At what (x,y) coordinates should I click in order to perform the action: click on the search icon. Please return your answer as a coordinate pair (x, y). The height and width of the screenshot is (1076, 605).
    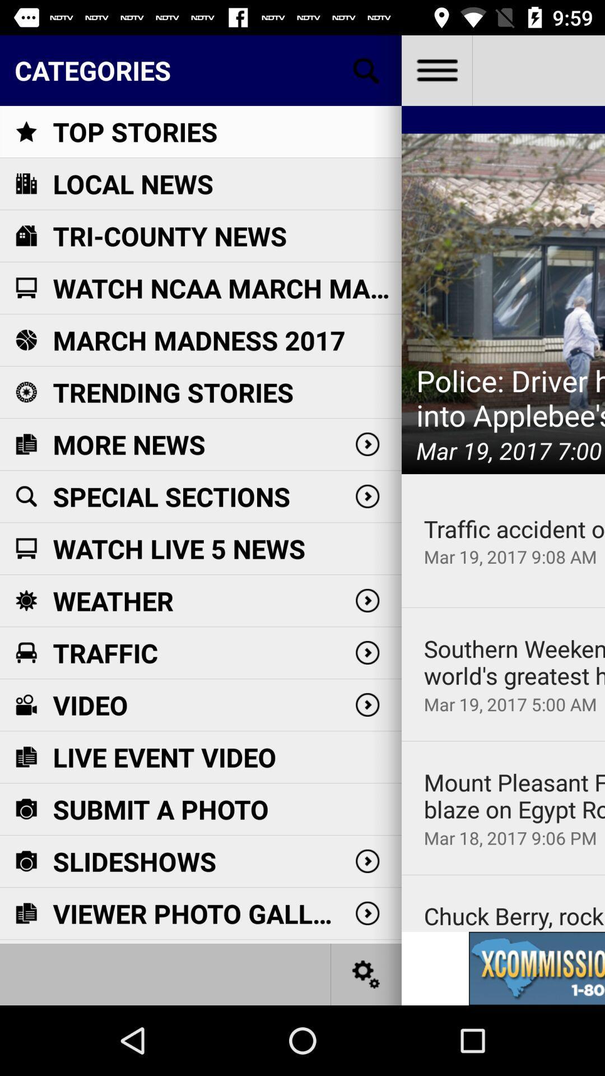
    Looking at the image, I should click on (366, 69).